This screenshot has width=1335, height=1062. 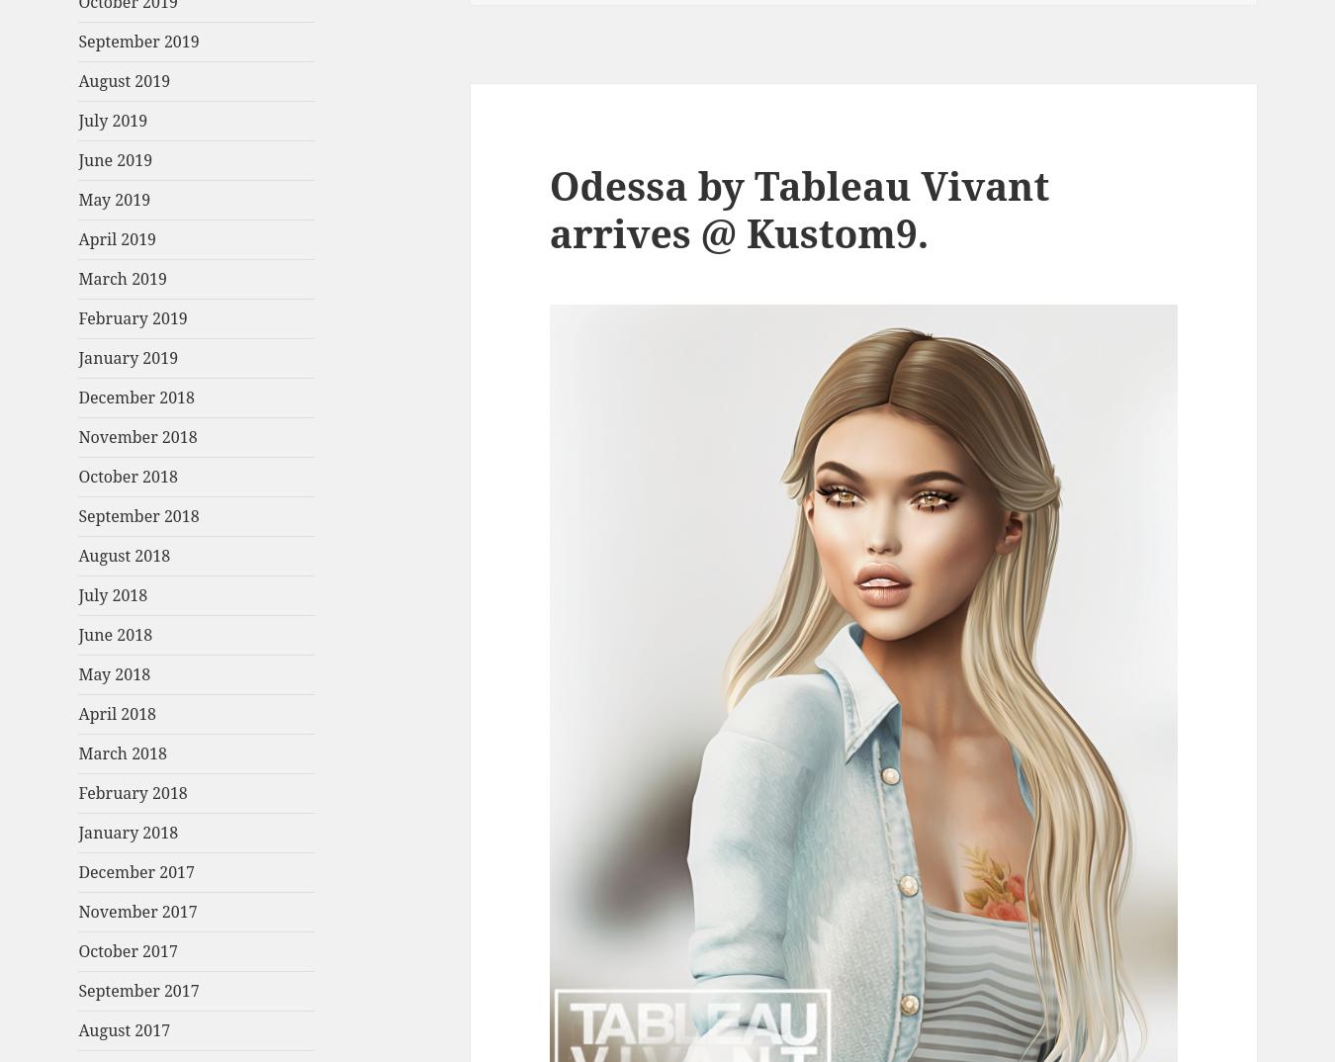 What do you see at coordinates (124, 1029) in the screenshot?
I see `'August 2017'` at bounding box center [124, 1029].